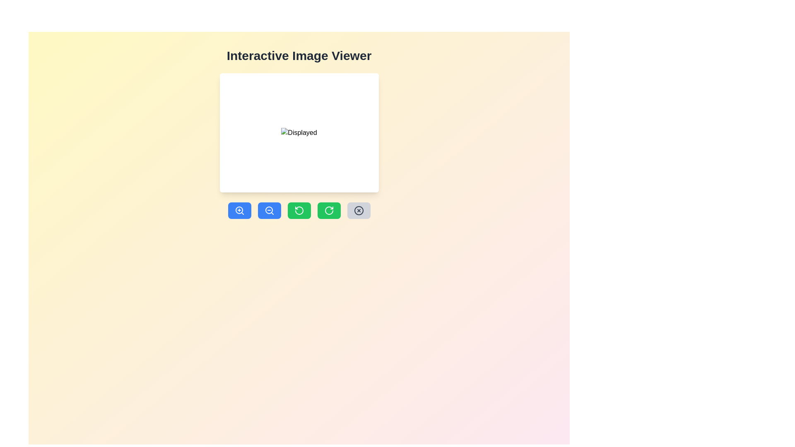 The image size is (795, 447). I want to click on the fourth green icon button in the navigation controls located below the content display area, so click(299, 210).